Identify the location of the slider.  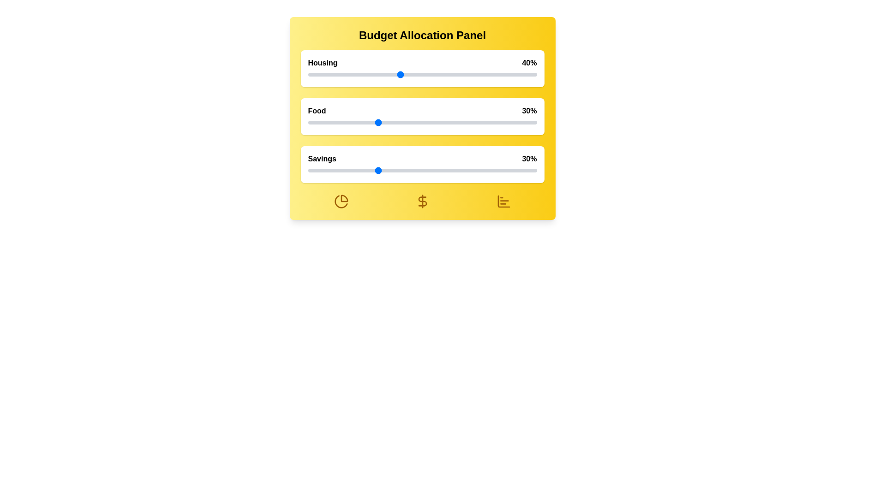
(454, 122).